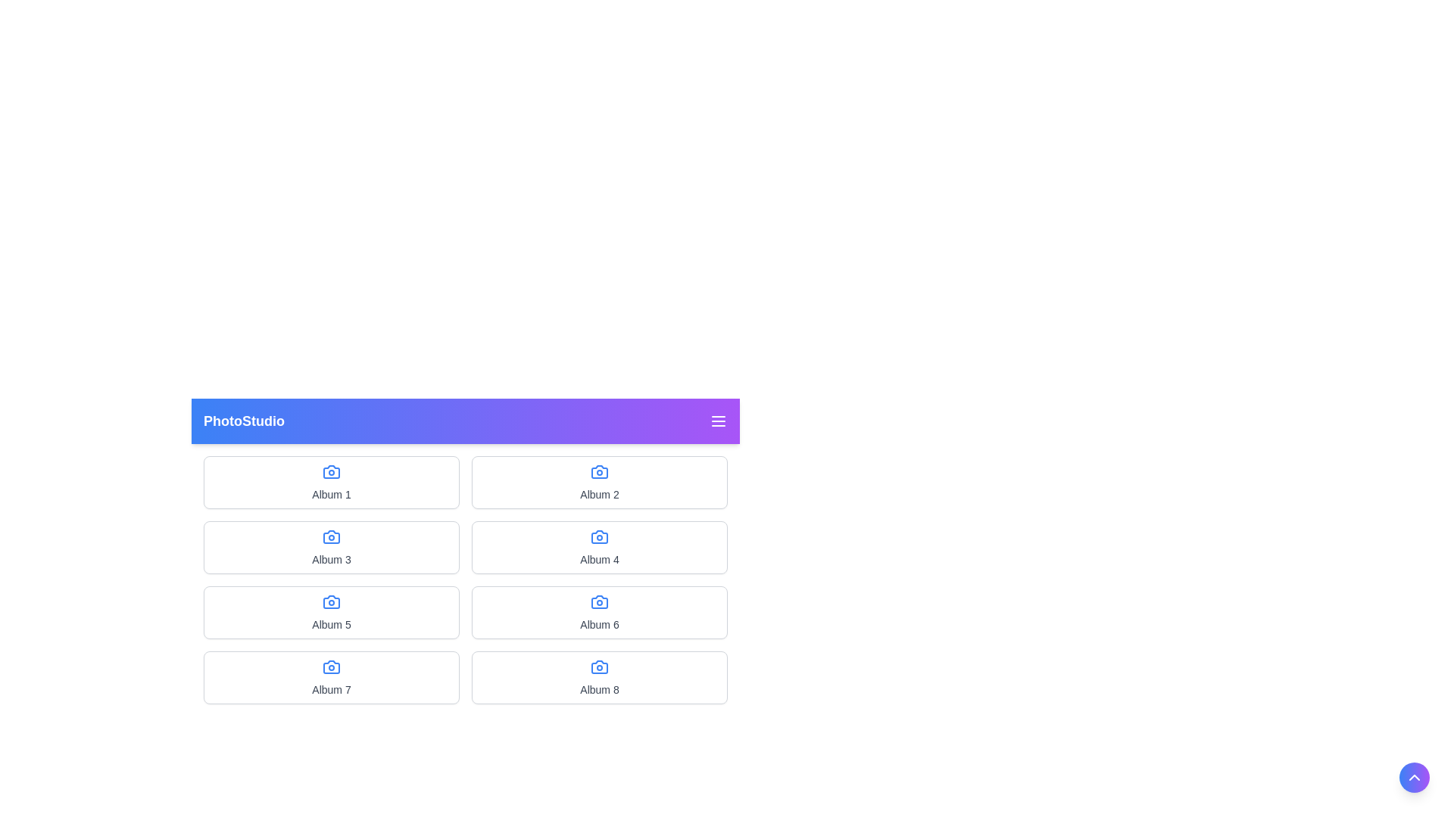 This screenshot has height=817, width=1454. What do you see at coordinates (599, 601) in the screenshot?
I see `the camera icon located in the sixth item of the grid layout labeled 'Album 6', positioned below the title 'PhotoStudio'` at bounding box center [599, 601].